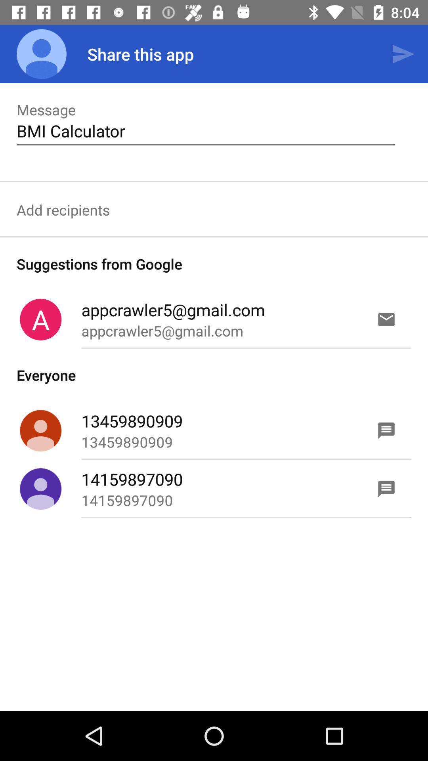  What do you see at coordinates (40, 430) in the screenshot?
I see `contact icon below everyone` at bounding box center [40, 430].